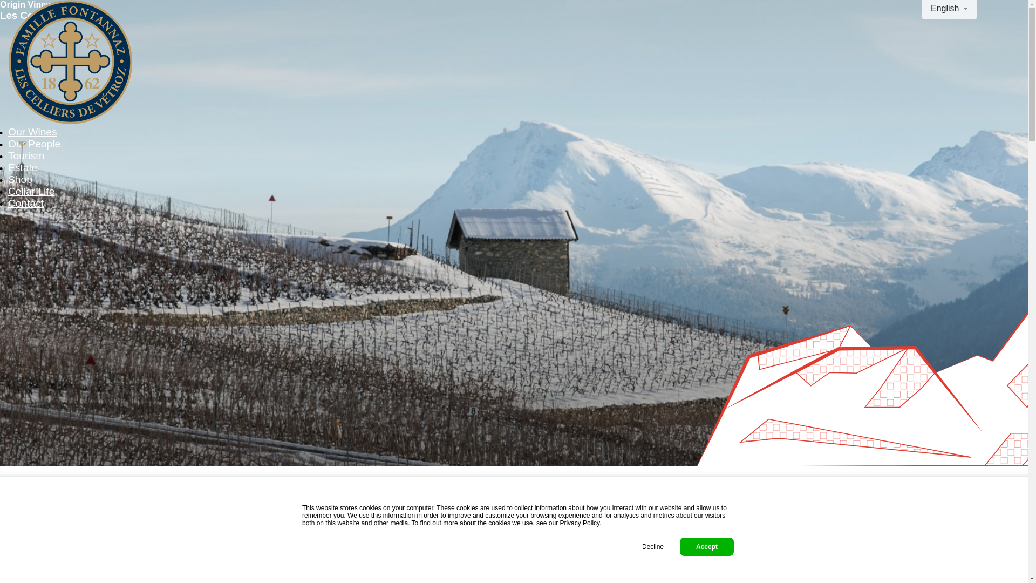  What do you see at coordinates (31, 191) in the screenshot?
I see `'Cellar Life'` at bounding box center [31, 191].